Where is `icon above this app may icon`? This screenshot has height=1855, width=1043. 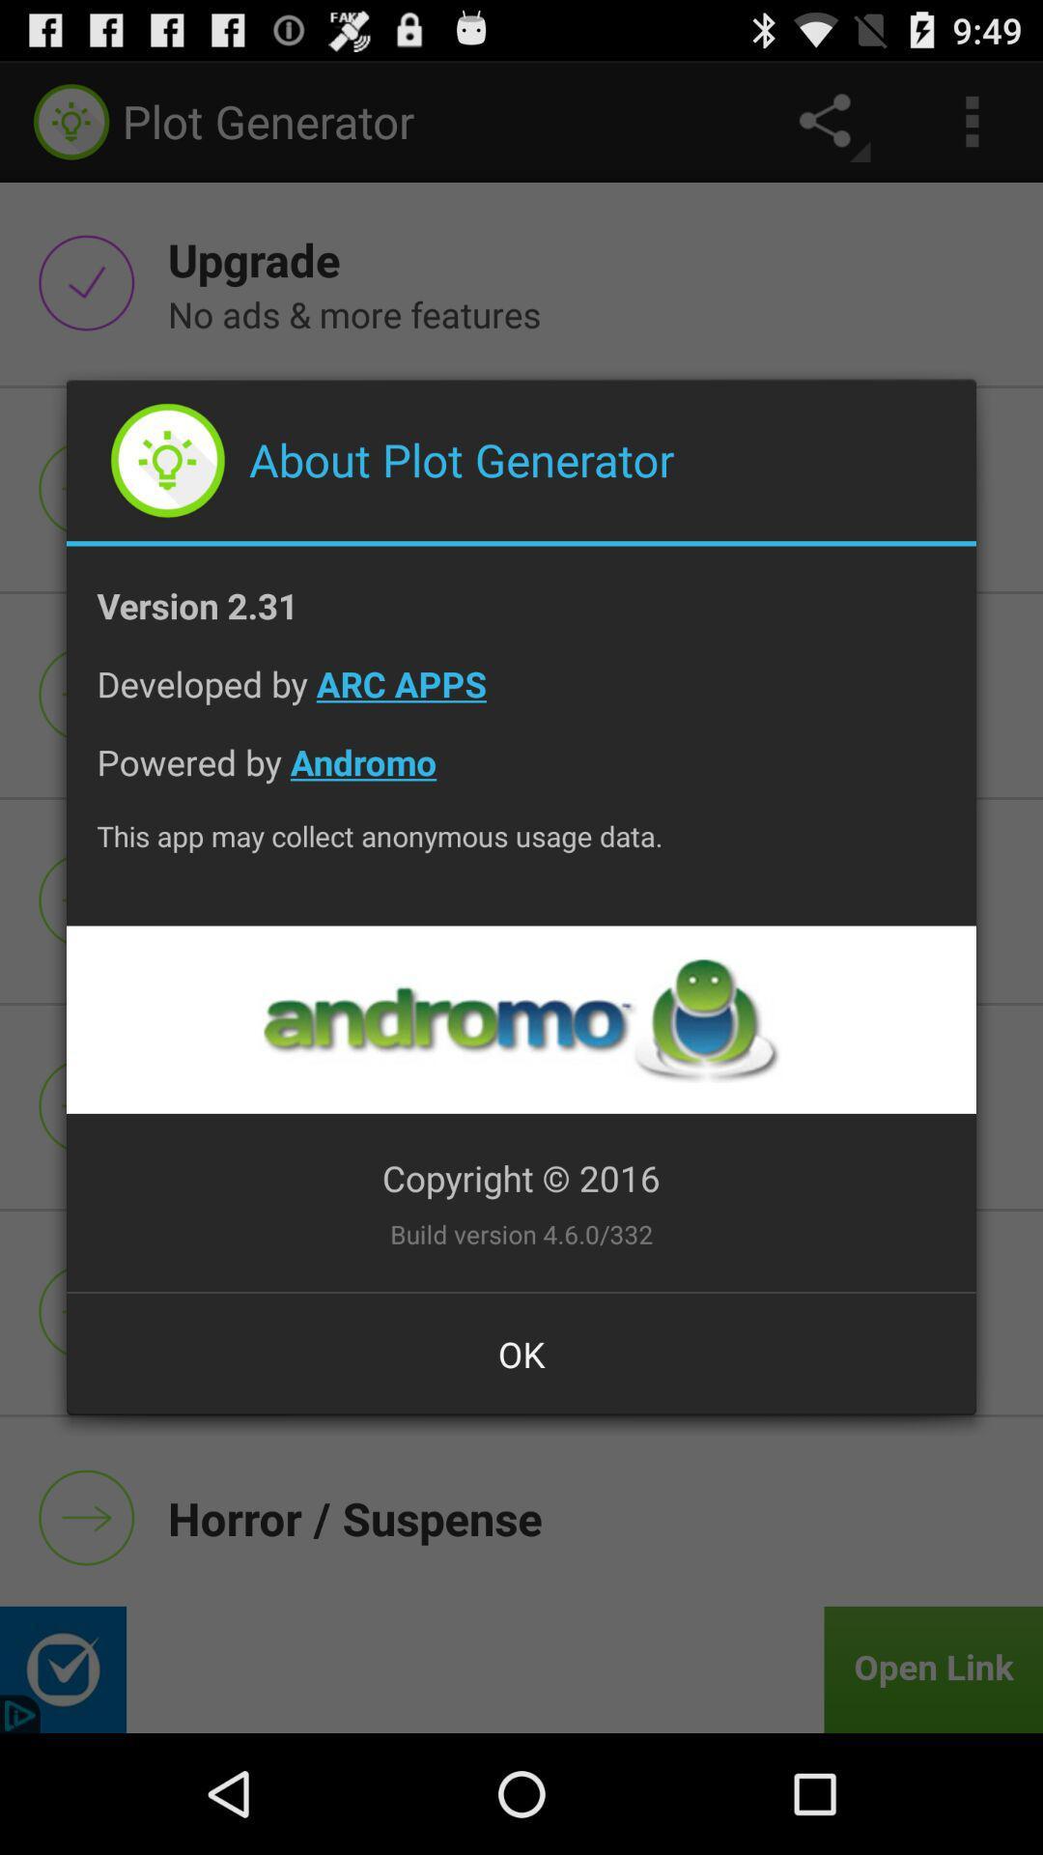
icon above this app may icon is located at coordinates (521, 777).